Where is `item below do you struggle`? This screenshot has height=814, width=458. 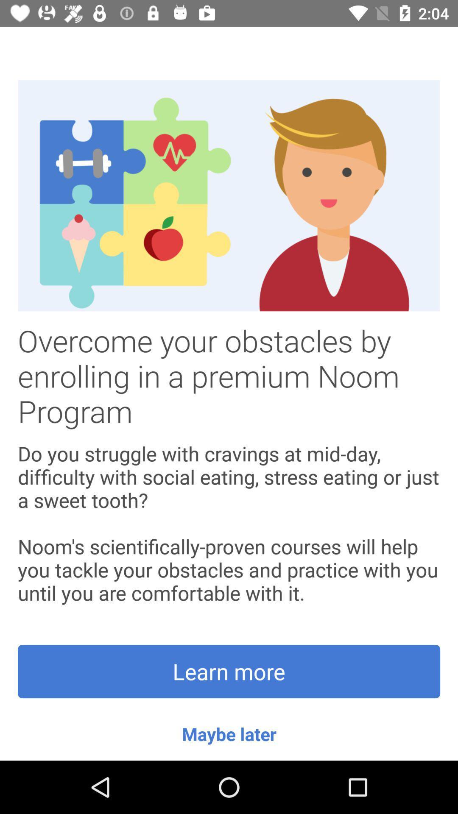 item below do you struggle is located at coordinates (229, 671).